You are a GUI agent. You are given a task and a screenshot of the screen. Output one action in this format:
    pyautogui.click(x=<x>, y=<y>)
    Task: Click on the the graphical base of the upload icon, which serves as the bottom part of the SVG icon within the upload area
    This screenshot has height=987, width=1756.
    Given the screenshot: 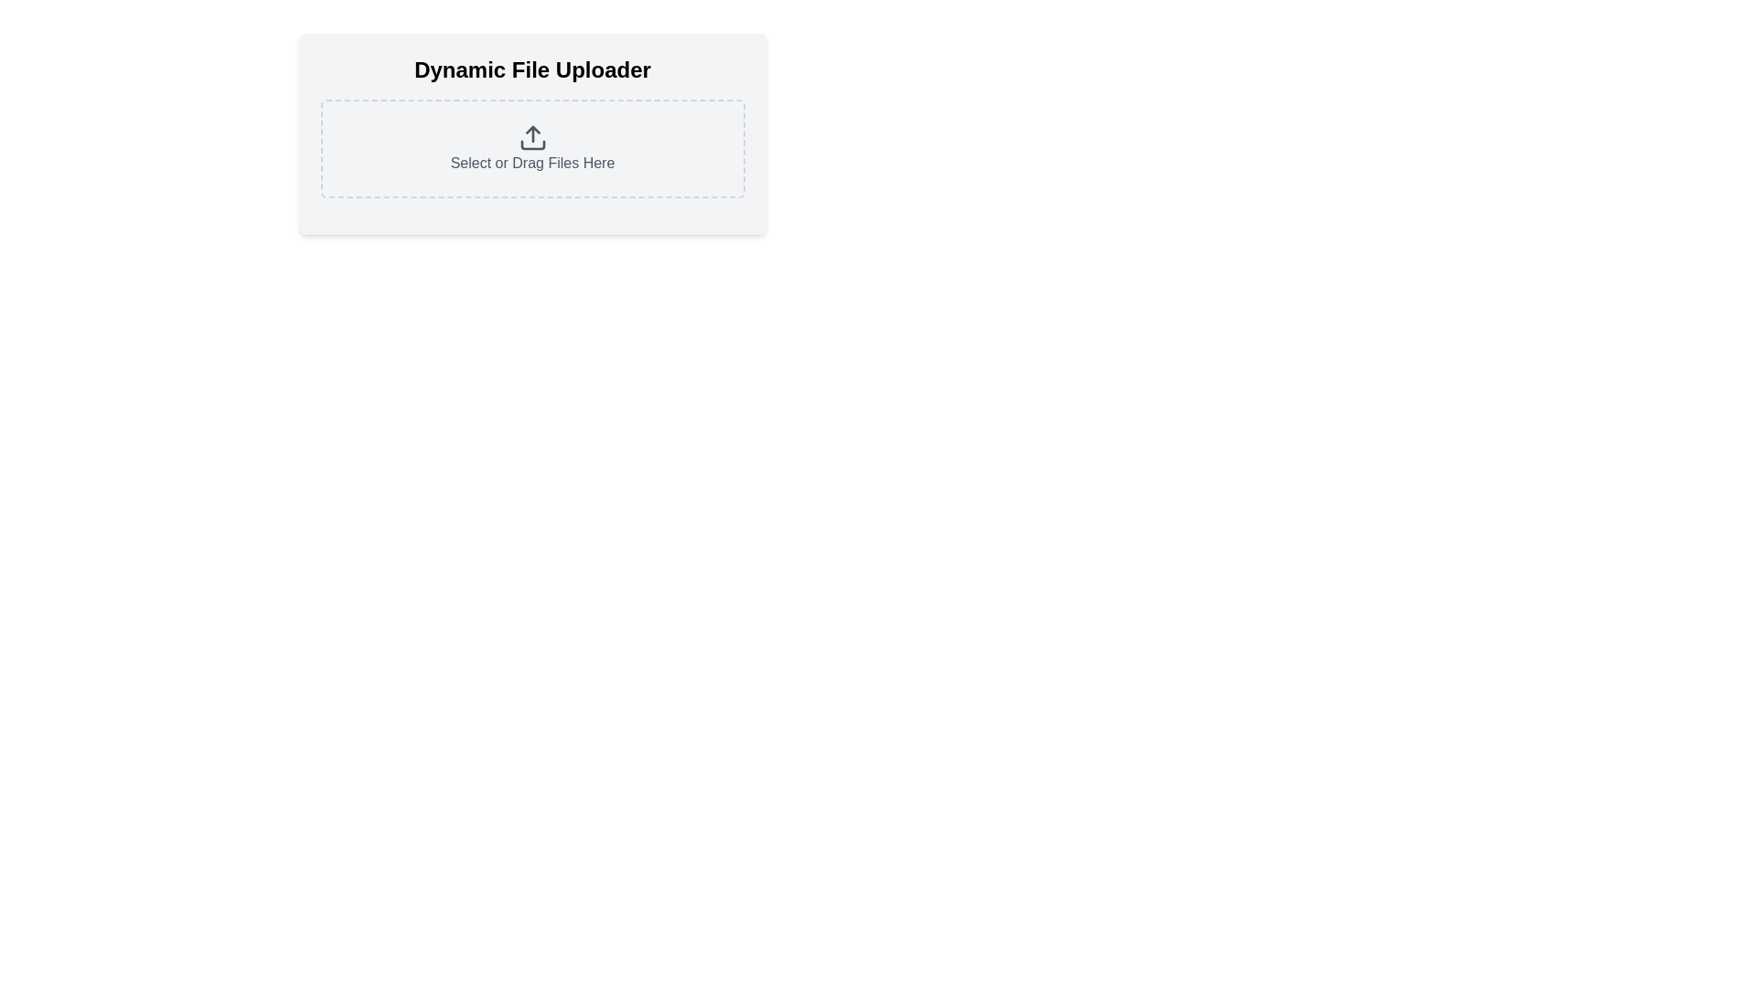 What is the action you would take?
    pyautogui.click(x=531, y=143)
    